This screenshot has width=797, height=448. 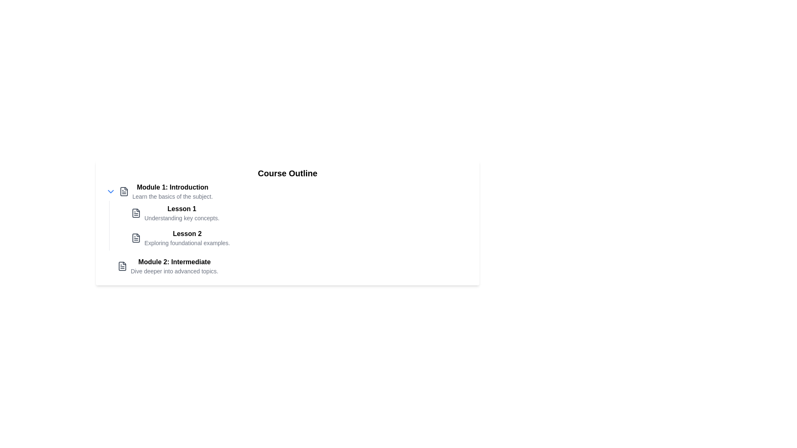 What do you see at coordinates (187, 238) in the screenshot?
I see `the text display for Lesson 2 in the course outline` at bounding box center [187, 238].